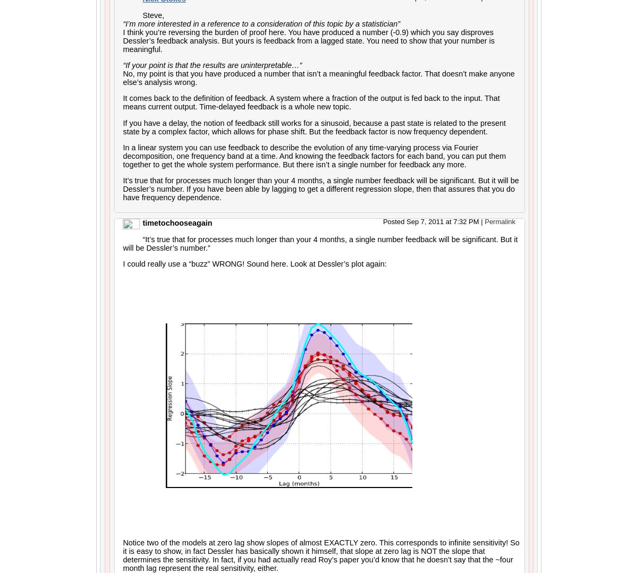 This screenshot has width=644, height=573. Describe the element at coordinates (123, 65) in the screenshot. I see `'“If your point is that the results are uninterpretable…”'` at that location.